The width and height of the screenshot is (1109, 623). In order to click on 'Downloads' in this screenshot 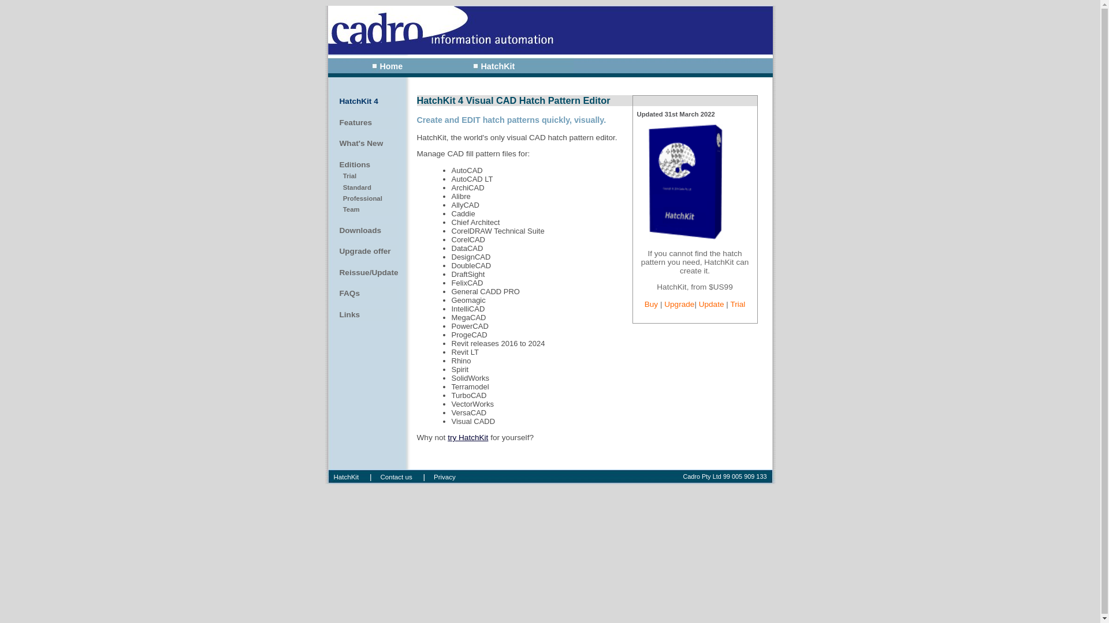, I will do `click(365, 231)`.